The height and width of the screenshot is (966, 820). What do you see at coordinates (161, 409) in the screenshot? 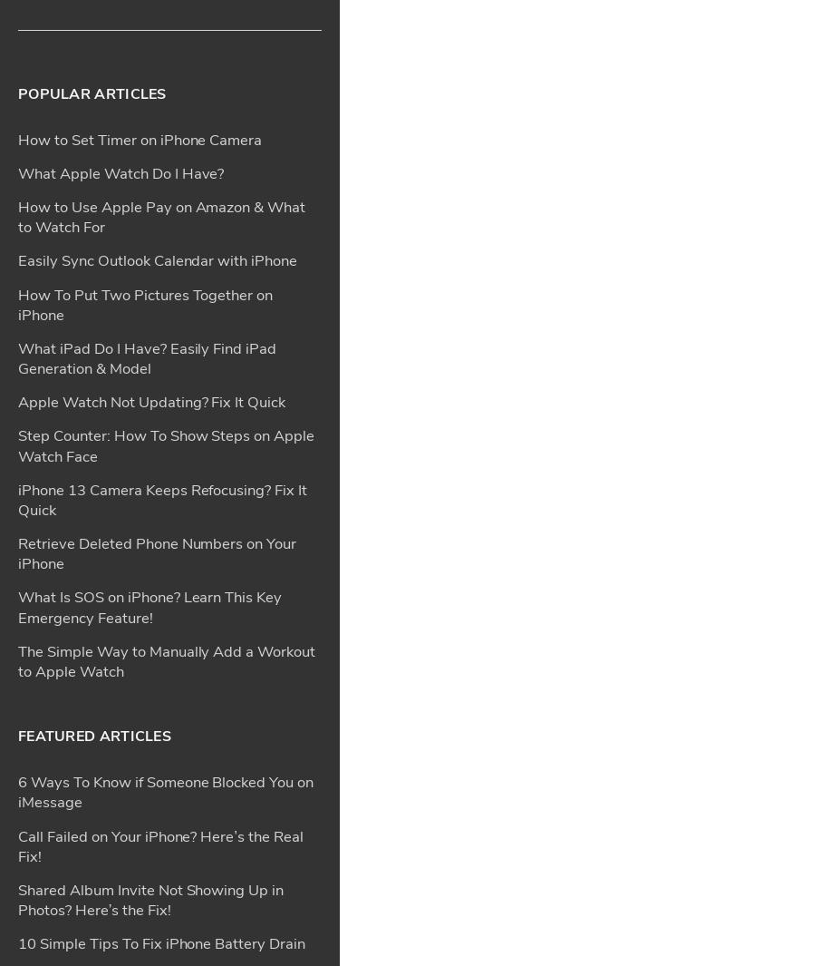
I see `'10 Simple Tips To Fix iPhone Battery Drain'` at bounding box center [161, 409].